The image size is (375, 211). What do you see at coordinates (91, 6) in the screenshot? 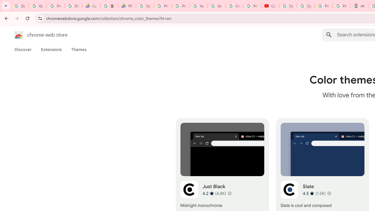
I see `'Currencies - Google Finance'` at bounding box center [91, 6].